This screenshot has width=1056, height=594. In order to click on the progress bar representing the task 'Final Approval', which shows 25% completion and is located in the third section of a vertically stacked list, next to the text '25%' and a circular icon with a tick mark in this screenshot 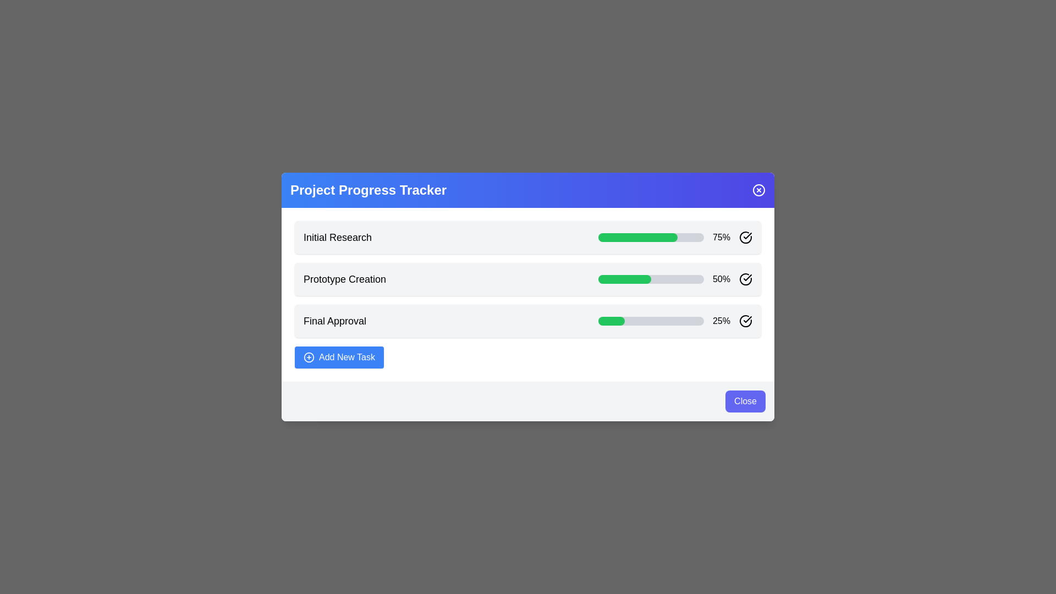, I will do `click(675, 321)`.